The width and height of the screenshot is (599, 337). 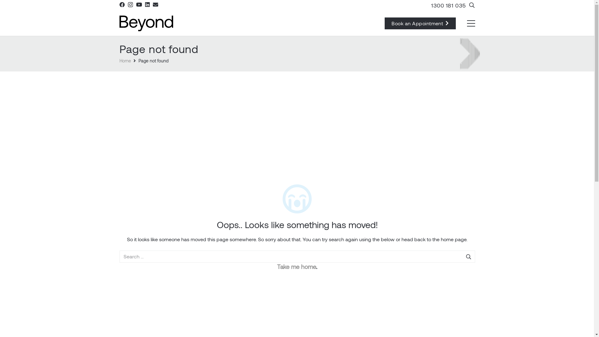 What do you see at coordinates (297, 329) in the screenshot?
I see `'Privacy Policy'` at bounding box center [297, 329].